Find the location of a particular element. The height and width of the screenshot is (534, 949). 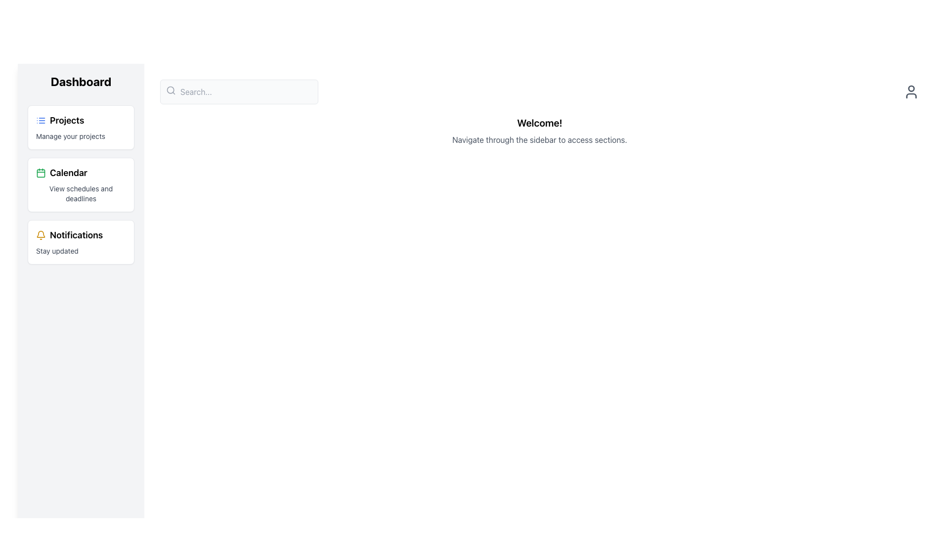

the text label displaying 'Manage your projects', which is styled with a smaller font size and gray color, located in the sidebar below the 'Projects' heading is located at coordinates (70, 136).